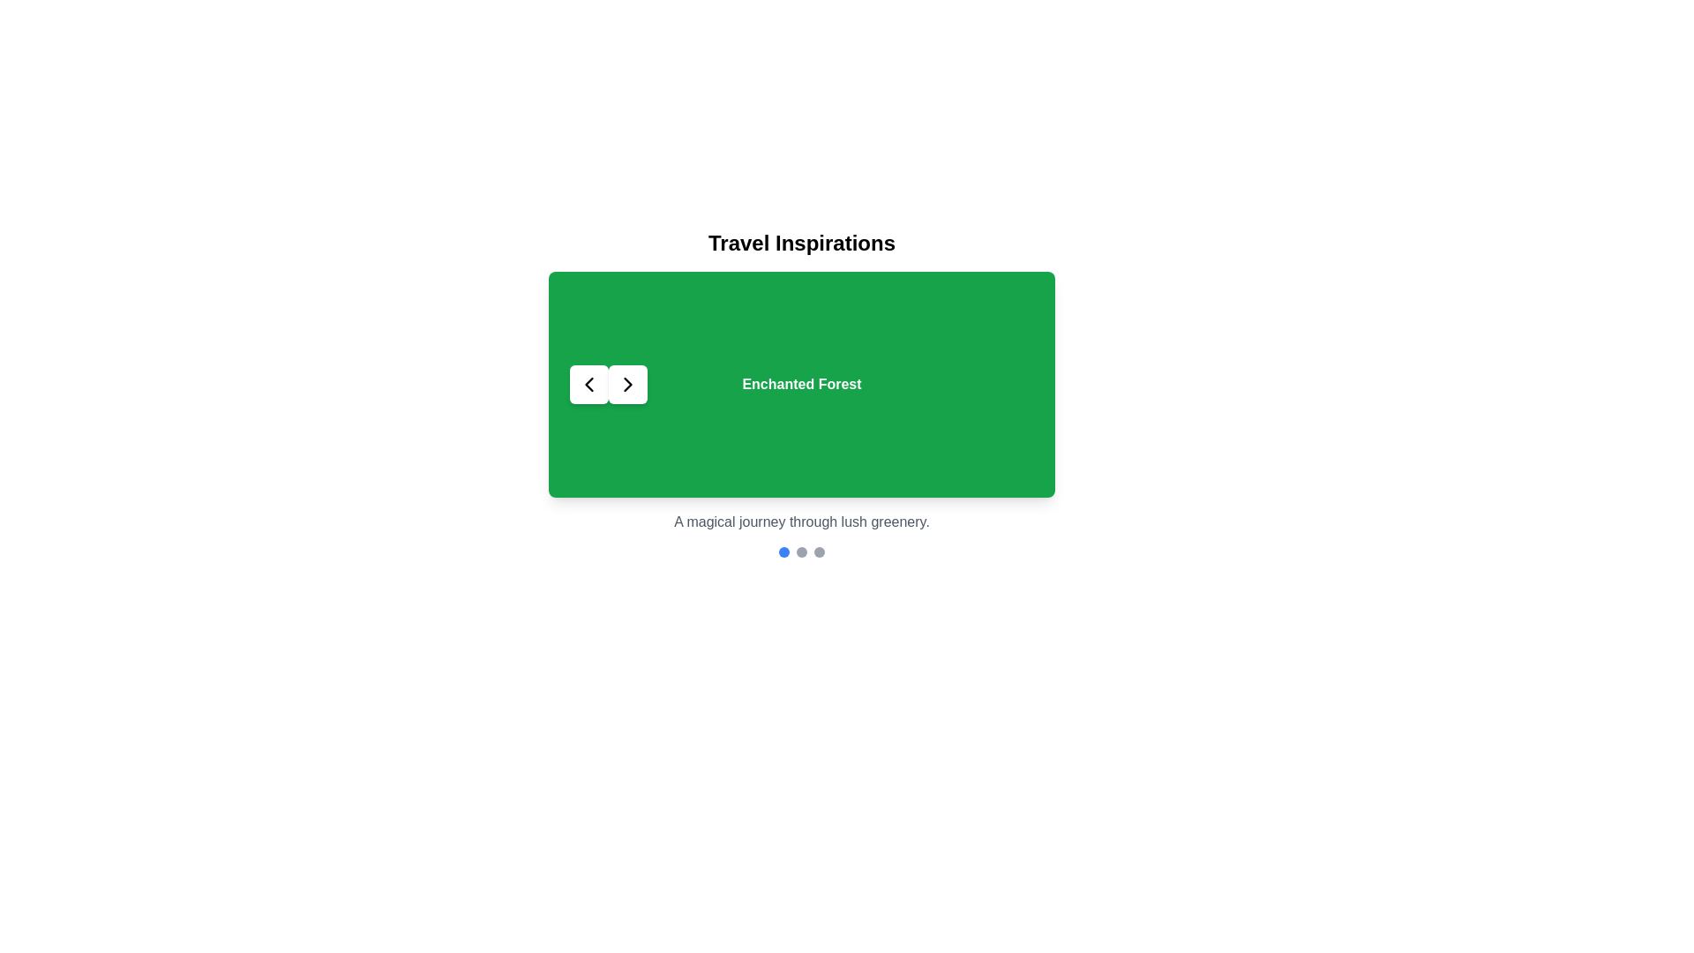  Describe the element at coordinates (783, 551) in the screenshot. I see `the first blue progress indicator dot at the bottom-center of the carousel to change the slide` at that location.